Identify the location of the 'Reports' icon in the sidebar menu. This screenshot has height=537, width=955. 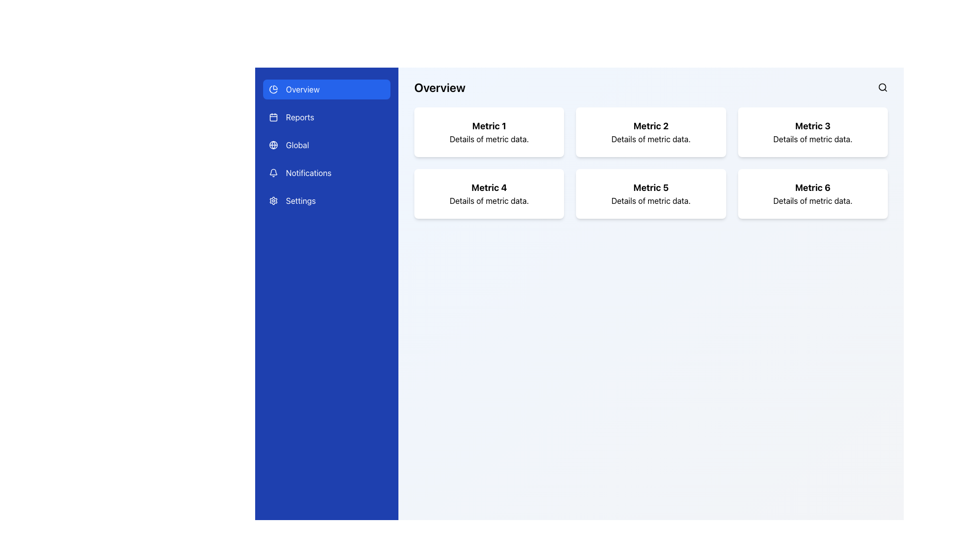
(274, 116).